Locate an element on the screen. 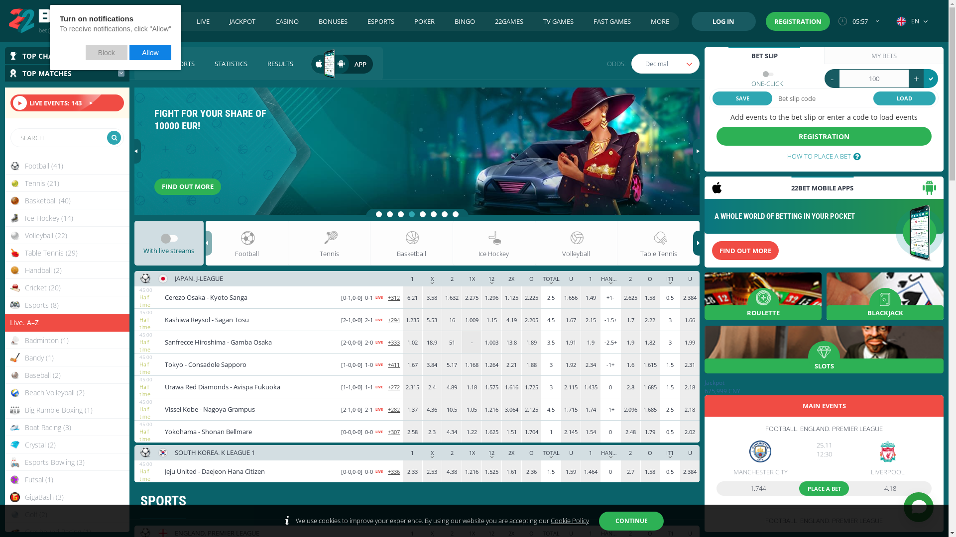  'Basketball' is located at coordinates (411, 243).